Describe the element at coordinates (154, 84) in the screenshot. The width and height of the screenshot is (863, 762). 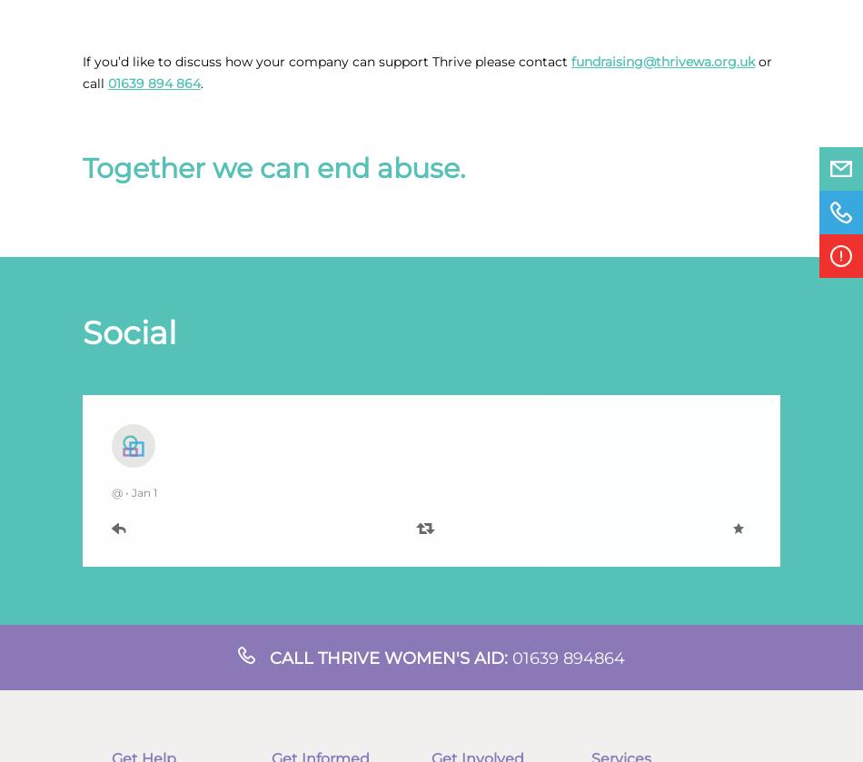
I see `'01639 894 864'` at that location.